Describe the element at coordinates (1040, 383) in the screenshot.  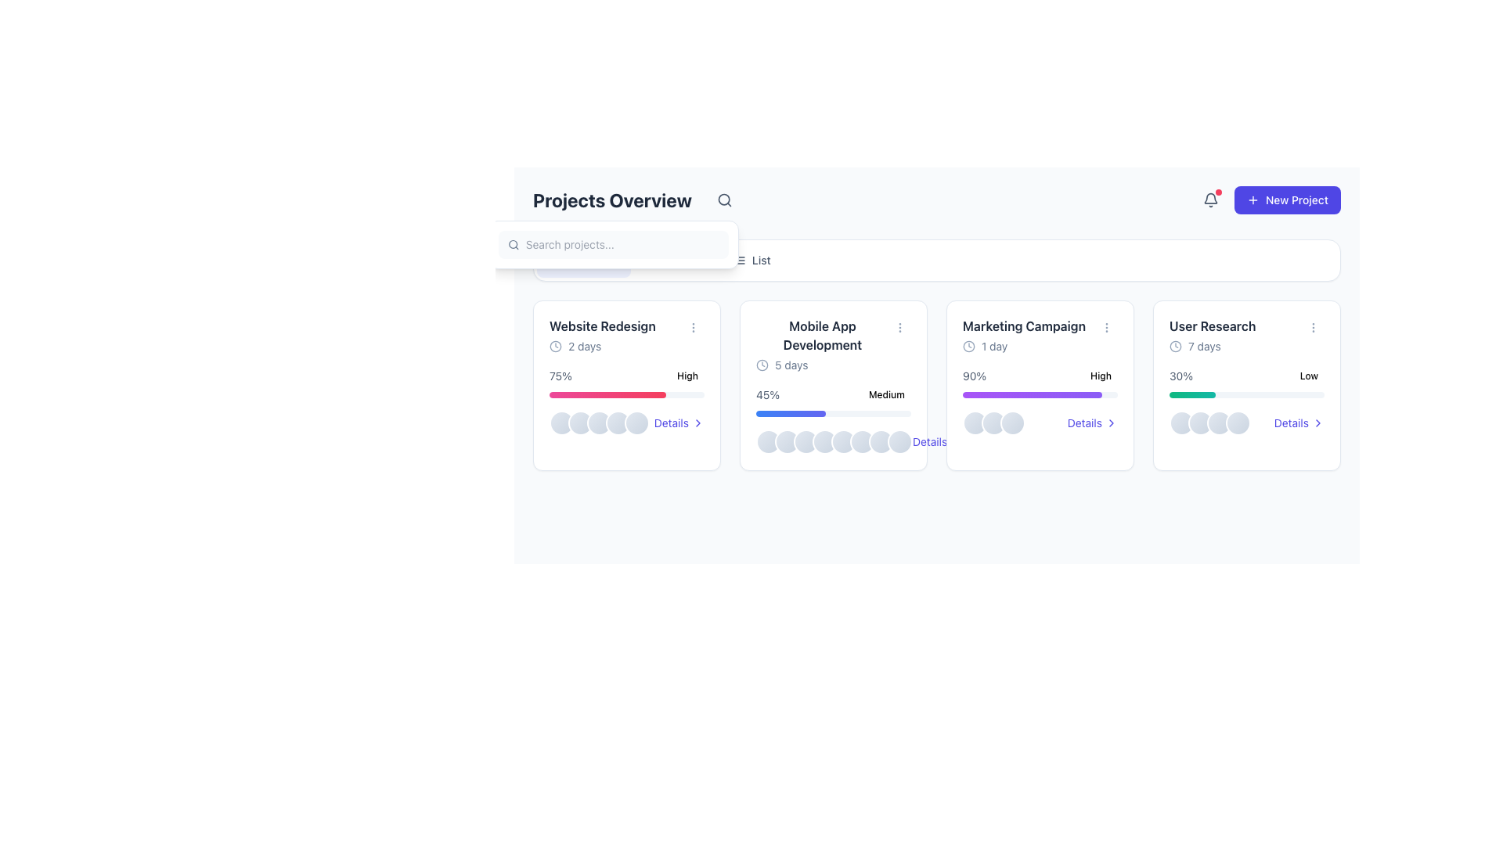
I see `the progress status of the Progress indicator located in the 'Marketing Campaign' section, which shows a vibrant gradient bar indicating '90%' and 'High'` at that location.